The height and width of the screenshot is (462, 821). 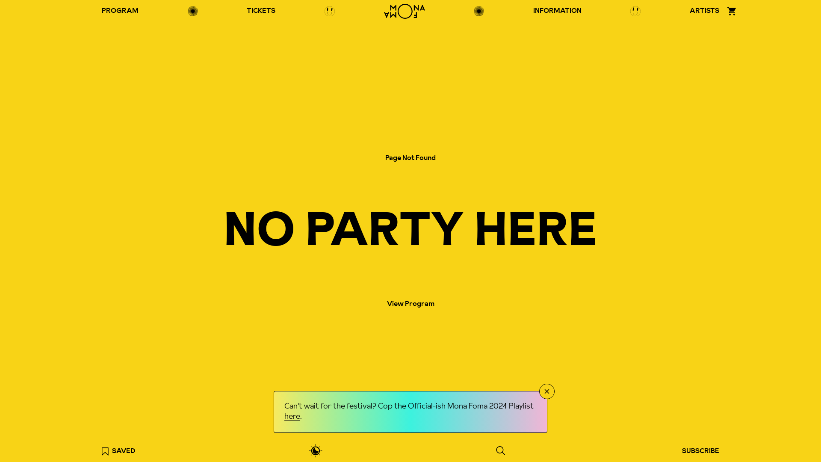 What do you see at coordinates (490, 450) in the screenshot?
I see `'Search'` at bounding box center [490, 450].